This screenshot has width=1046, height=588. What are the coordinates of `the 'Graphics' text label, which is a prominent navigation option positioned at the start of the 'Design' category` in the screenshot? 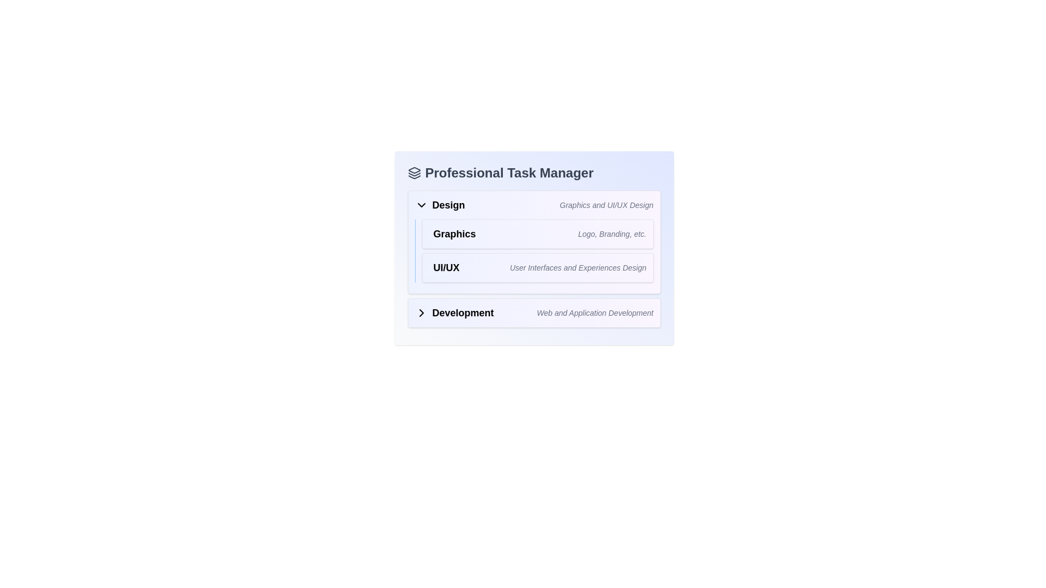 It's located at (452, 233).